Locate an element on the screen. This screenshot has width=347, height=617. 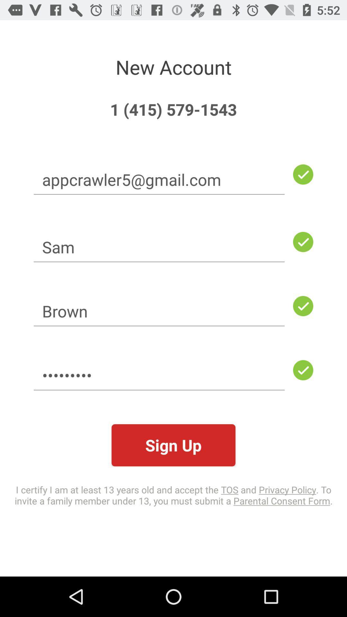
the brown icon is located at coordinates (159, 311).